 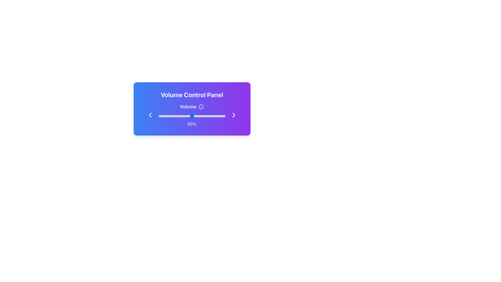 What do you see at coordinates (150, 115) in the screenshot?
I see `the left-facing chevron icon button with a white stroke in the blue and purple gradient volume control panel to change its color` at bounding box center [150, 115].